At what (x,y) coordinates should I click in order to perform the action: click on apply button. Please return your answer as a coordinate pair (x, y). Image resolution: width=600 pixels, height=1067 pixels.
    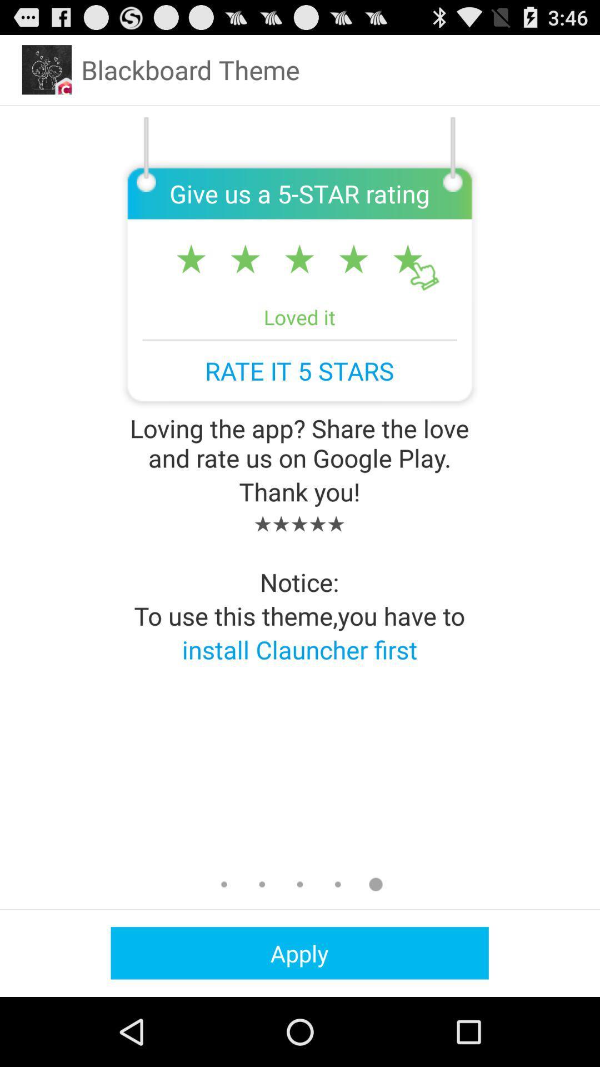
    Looking at the image, I should click on (299, 953).